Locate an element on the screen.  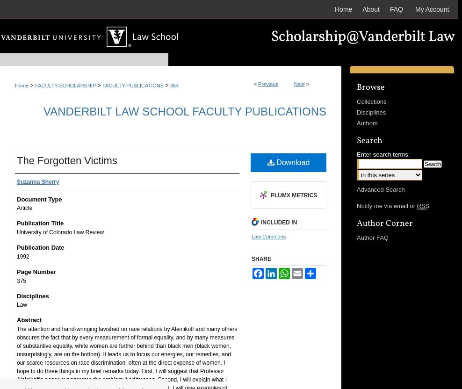
'Law' is located at coordinates (22, 305).